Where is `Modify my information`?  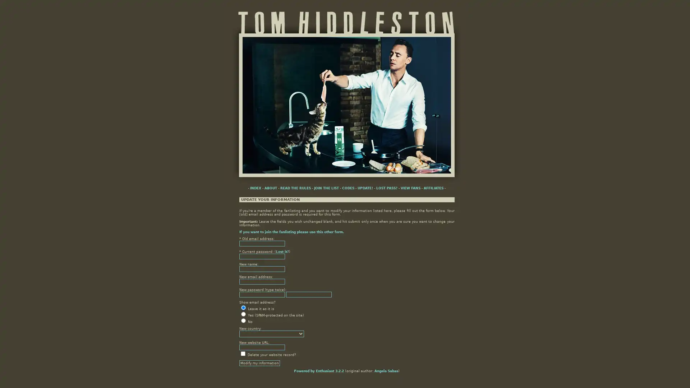
Modify my information is located at coordinates (259, 363).